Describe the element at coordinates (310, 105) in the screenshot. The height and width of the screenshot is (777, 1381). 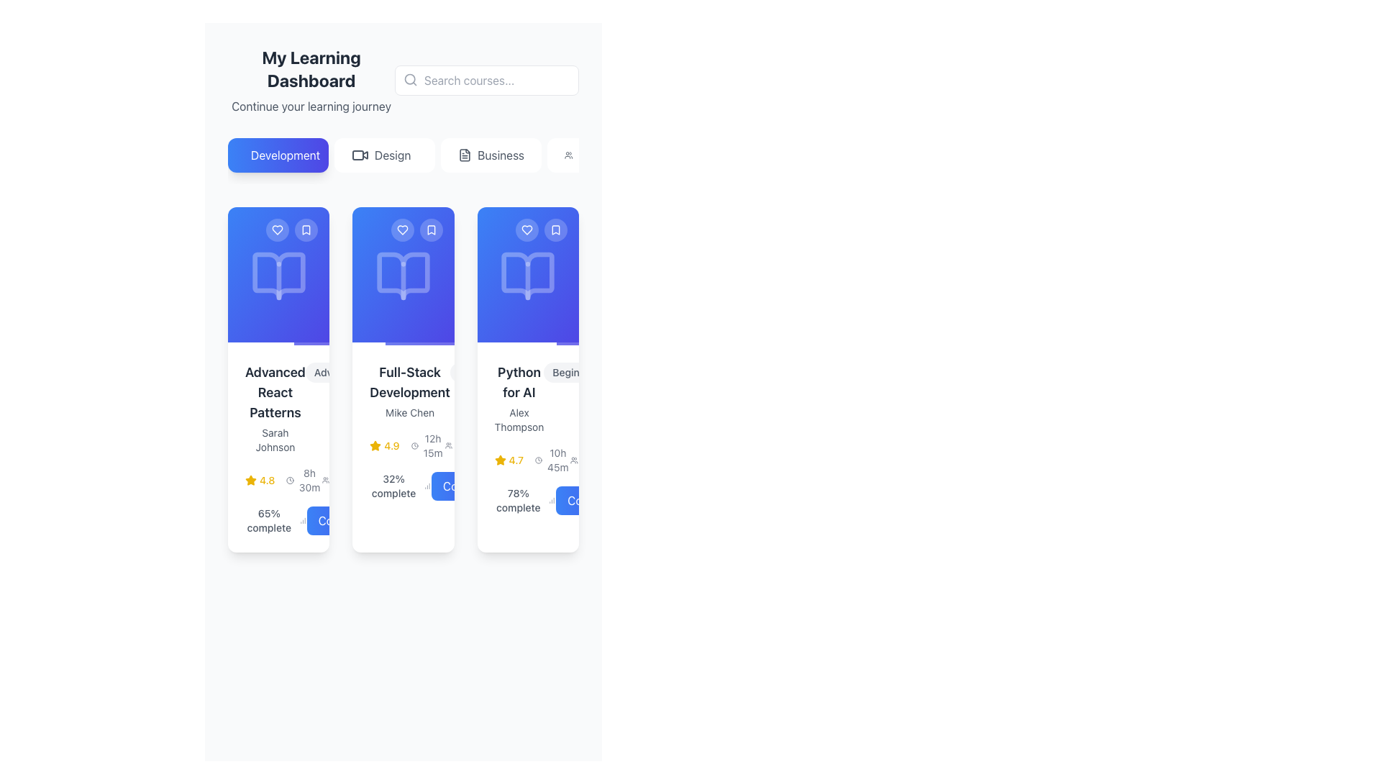
I see `the static text that reads 'Continue your learning journey', which is styled in gray and positioned below the header 'My Learning Dashboard'` at that location.